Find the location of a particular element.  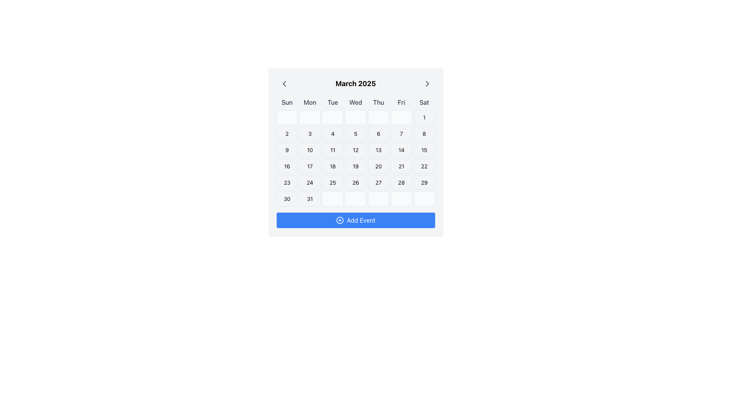

the selectable calendar date cell representing the 30th day of the month is located at coordinates (287, 199).